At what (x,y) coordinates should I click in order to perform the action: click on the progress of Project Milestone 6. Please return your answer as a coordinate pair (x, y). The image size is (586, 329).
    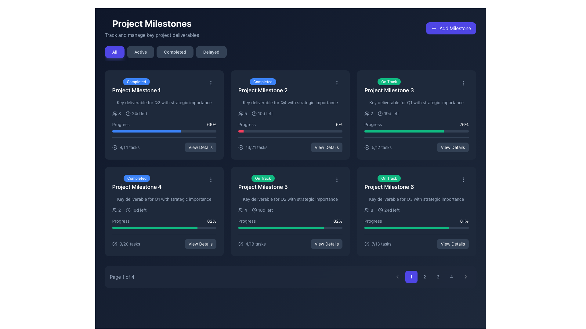
    Looking at the image, I should click on (426, 228).